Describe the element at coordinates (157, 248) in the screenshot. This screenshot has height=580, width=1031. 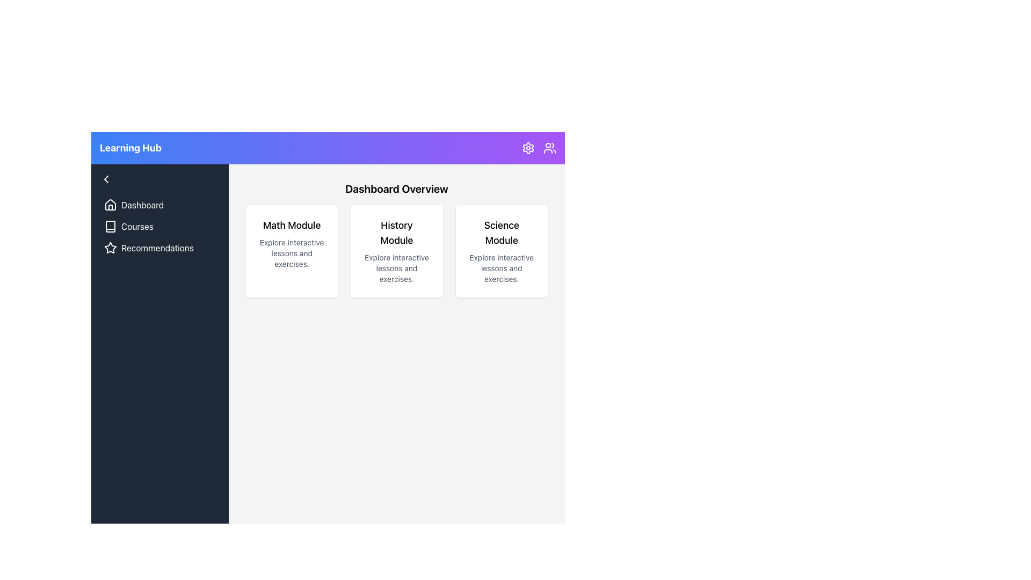
I see `the 'Recommendations' text label, which is the third interactive option in the vertical menu on the left sidebar` at that location.